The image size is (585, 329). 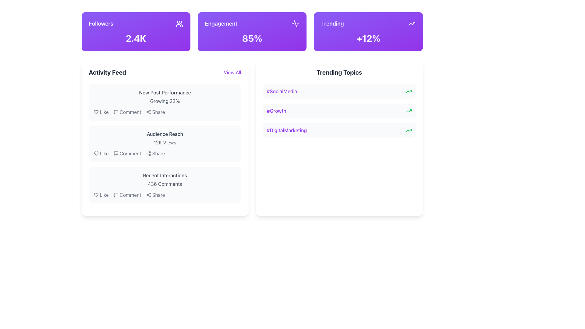 I want to click on the first list item in the 'Trending Topics' section, which indicates a trending topic with a visual popularity indicator, so click(x=339, y=91).